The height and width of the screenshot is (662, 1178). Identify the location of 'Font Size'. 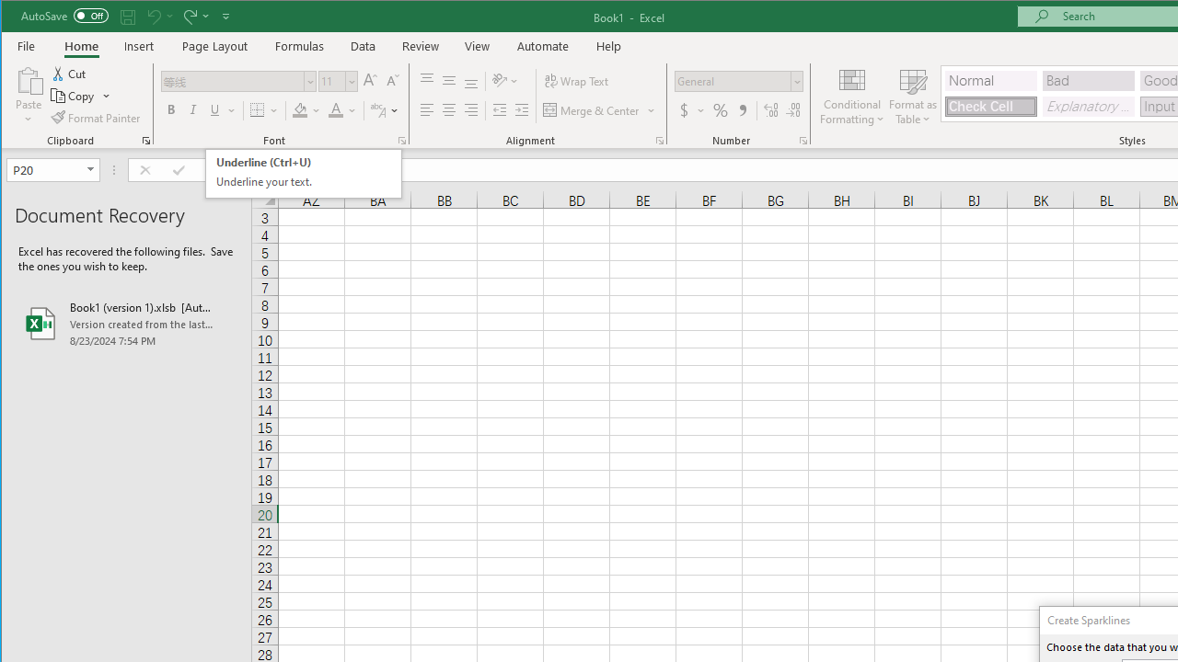
(331, 80).